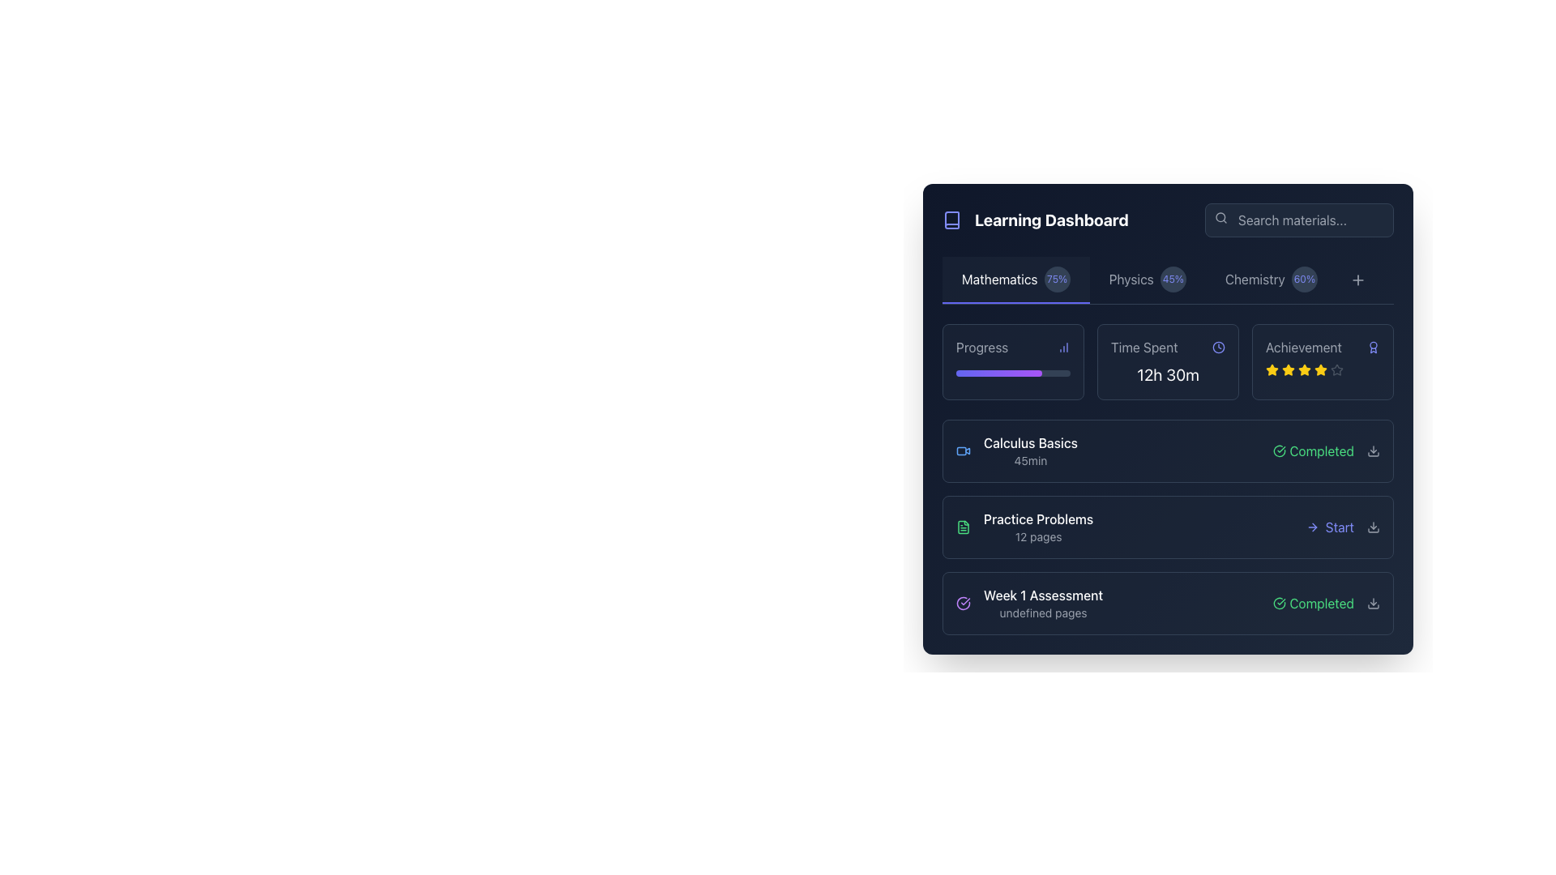 Image resolution: width=1556 pixels, height=875 pixels. Describe the element at coordinates (1299, 220) in the screenshot. I see `the search bar located in the top-right area of the 'Learning Dashboard'` at that location.